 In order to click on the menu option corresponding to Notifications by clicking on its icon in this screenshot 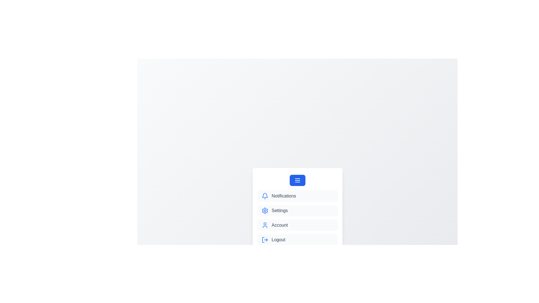, I will do `click(264, 196)`.